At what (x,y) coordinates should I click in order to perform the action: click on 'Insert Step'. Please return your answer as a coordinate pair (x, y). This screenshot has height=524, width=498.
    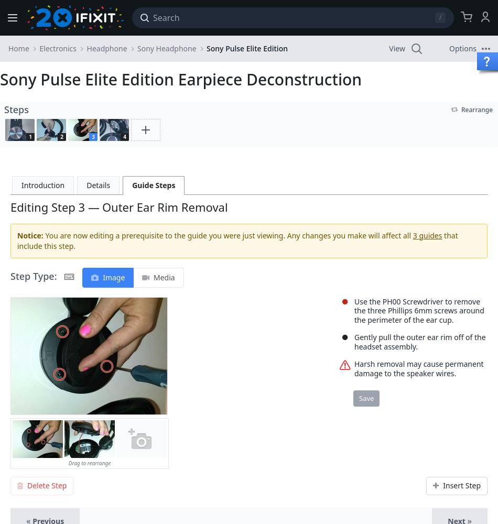
    Looking at the image, I should click on (461, 485).